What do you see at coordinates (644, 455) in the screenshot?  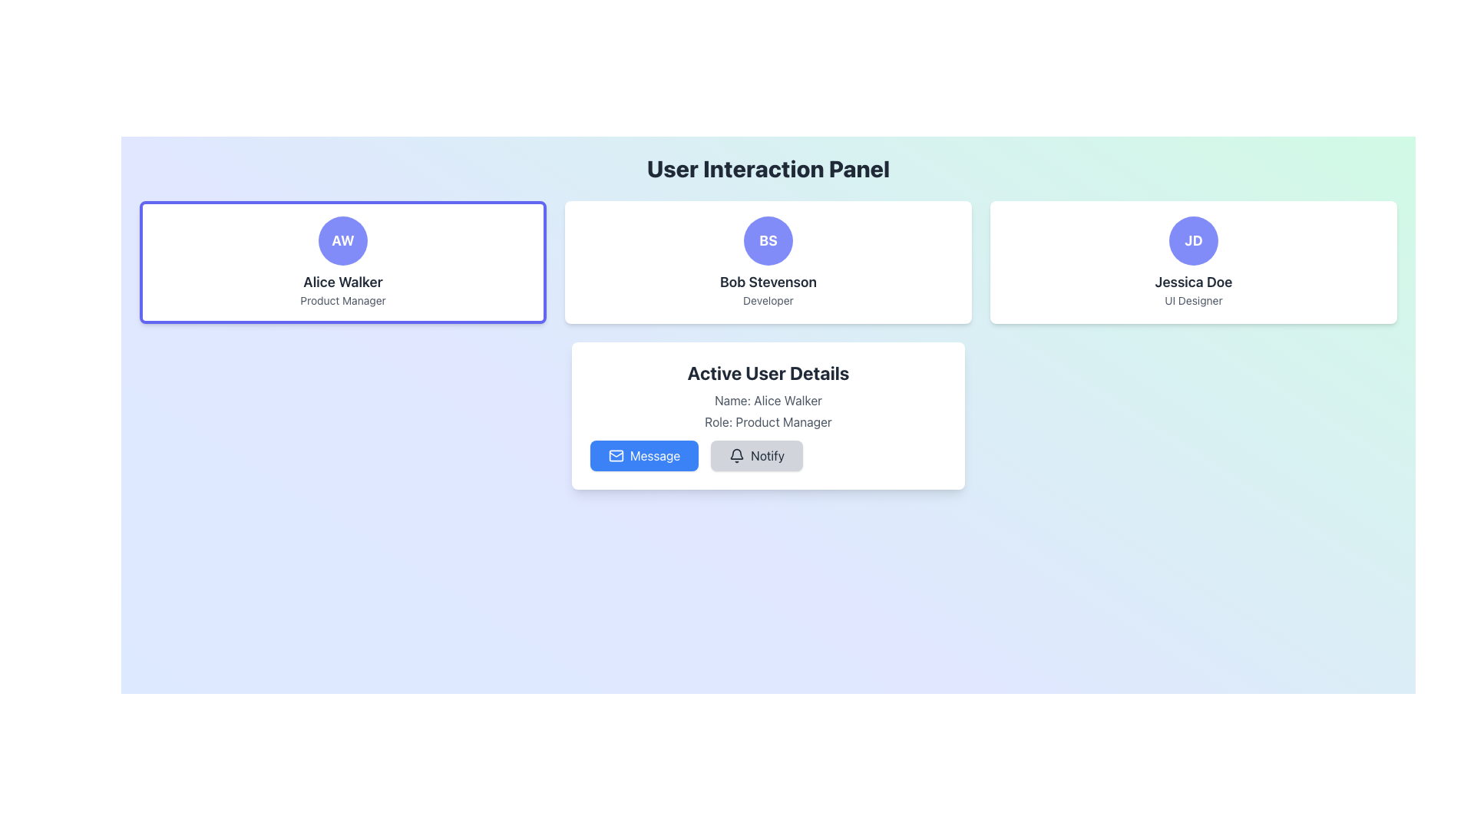 I see `the messaging button located in the lower section of the 'Active User Details' panel` at bounding box center [644, 455].